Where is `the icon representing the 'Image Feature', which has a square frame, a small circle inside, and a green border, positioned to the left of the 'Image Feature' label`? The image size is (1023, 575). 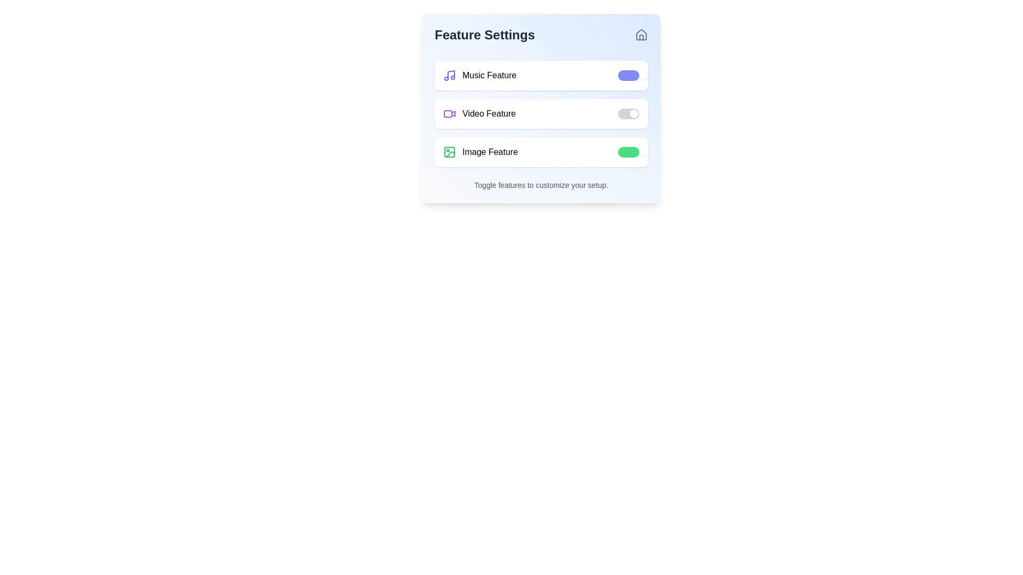 the icon representing the 'Image Feature', which has a square frame, a small circle inside, and a green border, positioned to the left of the 'Image Feature' label is located at coordinates (450, 152).